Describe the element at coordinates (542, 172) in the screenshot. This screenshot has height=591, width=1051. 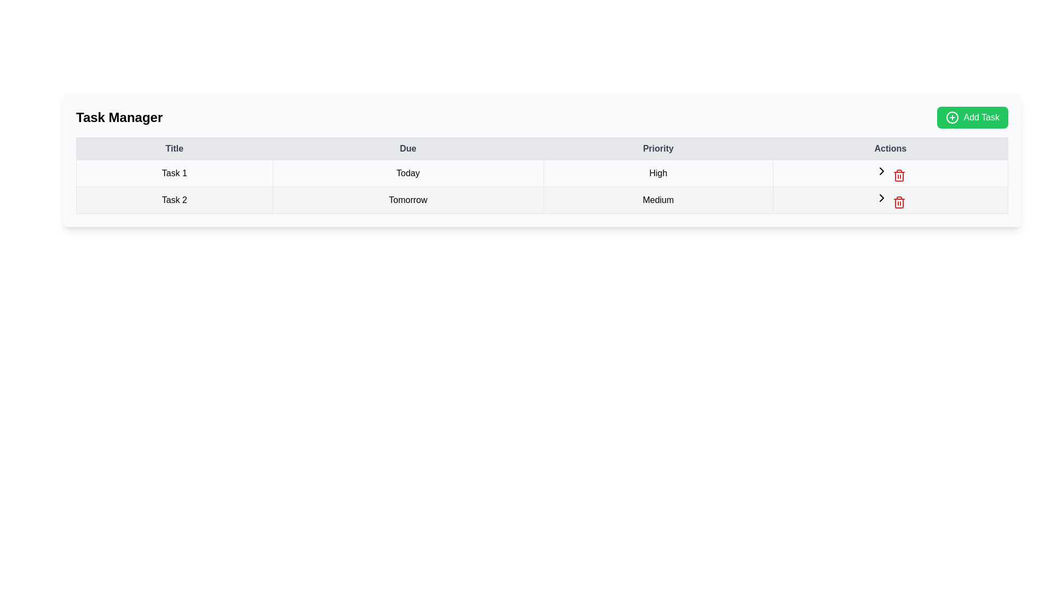
I see `details of the task represented by the first row in the task manager table, which displays 'Task 1', 'Today', and 'High'` at that location.